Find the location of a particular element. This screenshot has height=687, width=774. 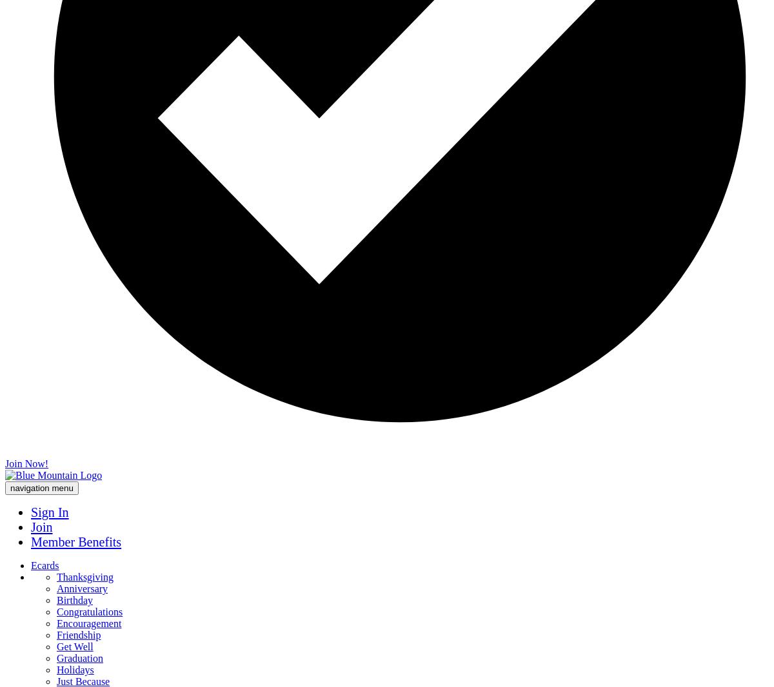

'Member Benefits' is located at coordinates (75, 541).